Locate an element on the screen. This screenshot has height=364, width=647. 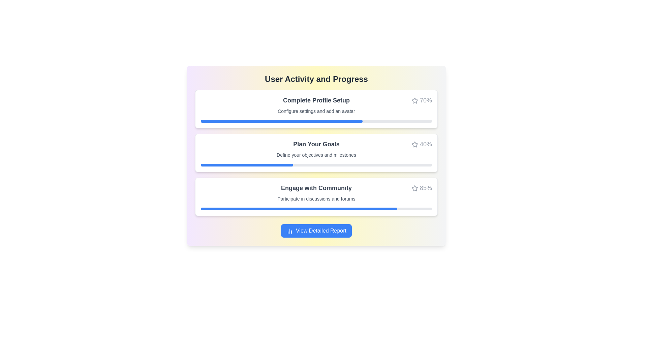
heading text located in the third white card from the top, which summarizes the content related to engaging with the community is located at coordinates (316, 188).